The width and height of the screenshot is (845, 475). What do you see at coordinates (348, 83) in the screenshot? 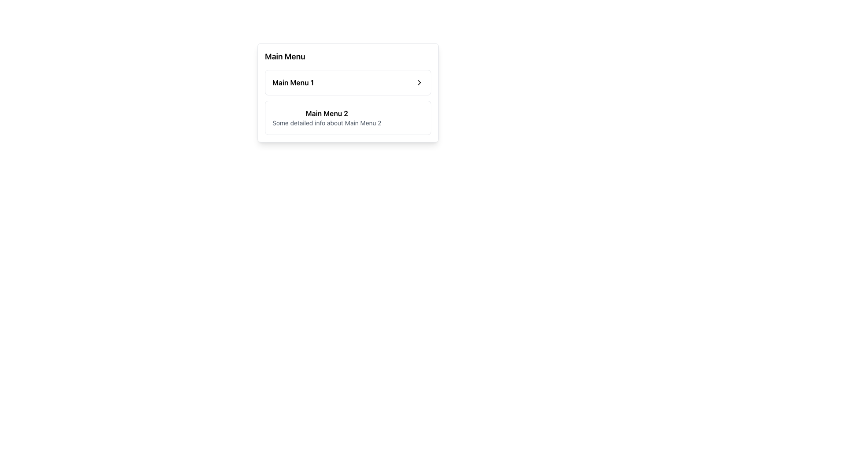
I see `the first menu option in the list that leads to 'Main Menu 1'` at bounding box center [348, 83].